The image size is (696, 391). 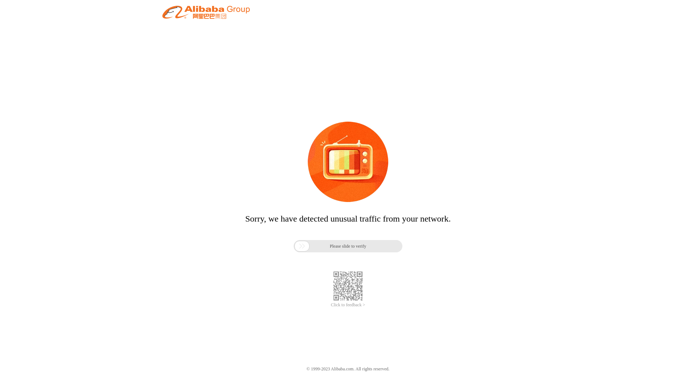 What do you see at coordinates (330, 305) in the screenshot?
I see `'Click to feedback >'` at bounding box center [330, 305].